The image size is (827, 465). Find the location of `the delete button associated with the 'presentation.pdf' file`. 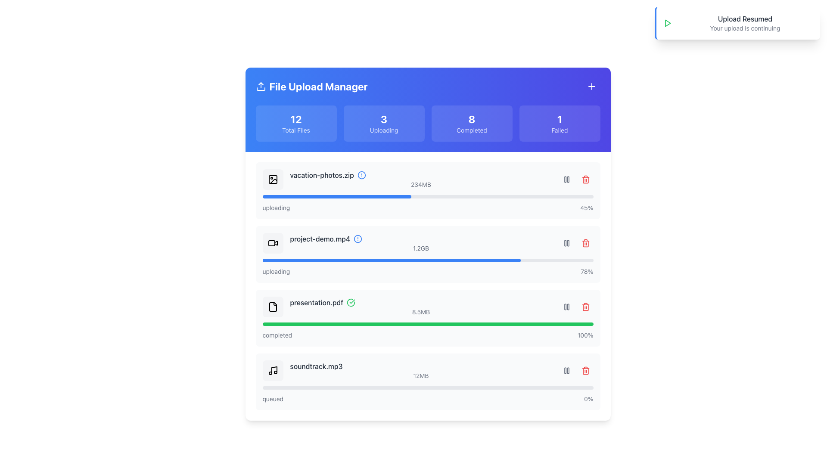

the delete button associated with the 'presentation.pdf' file is located at coordinates (585, 307).